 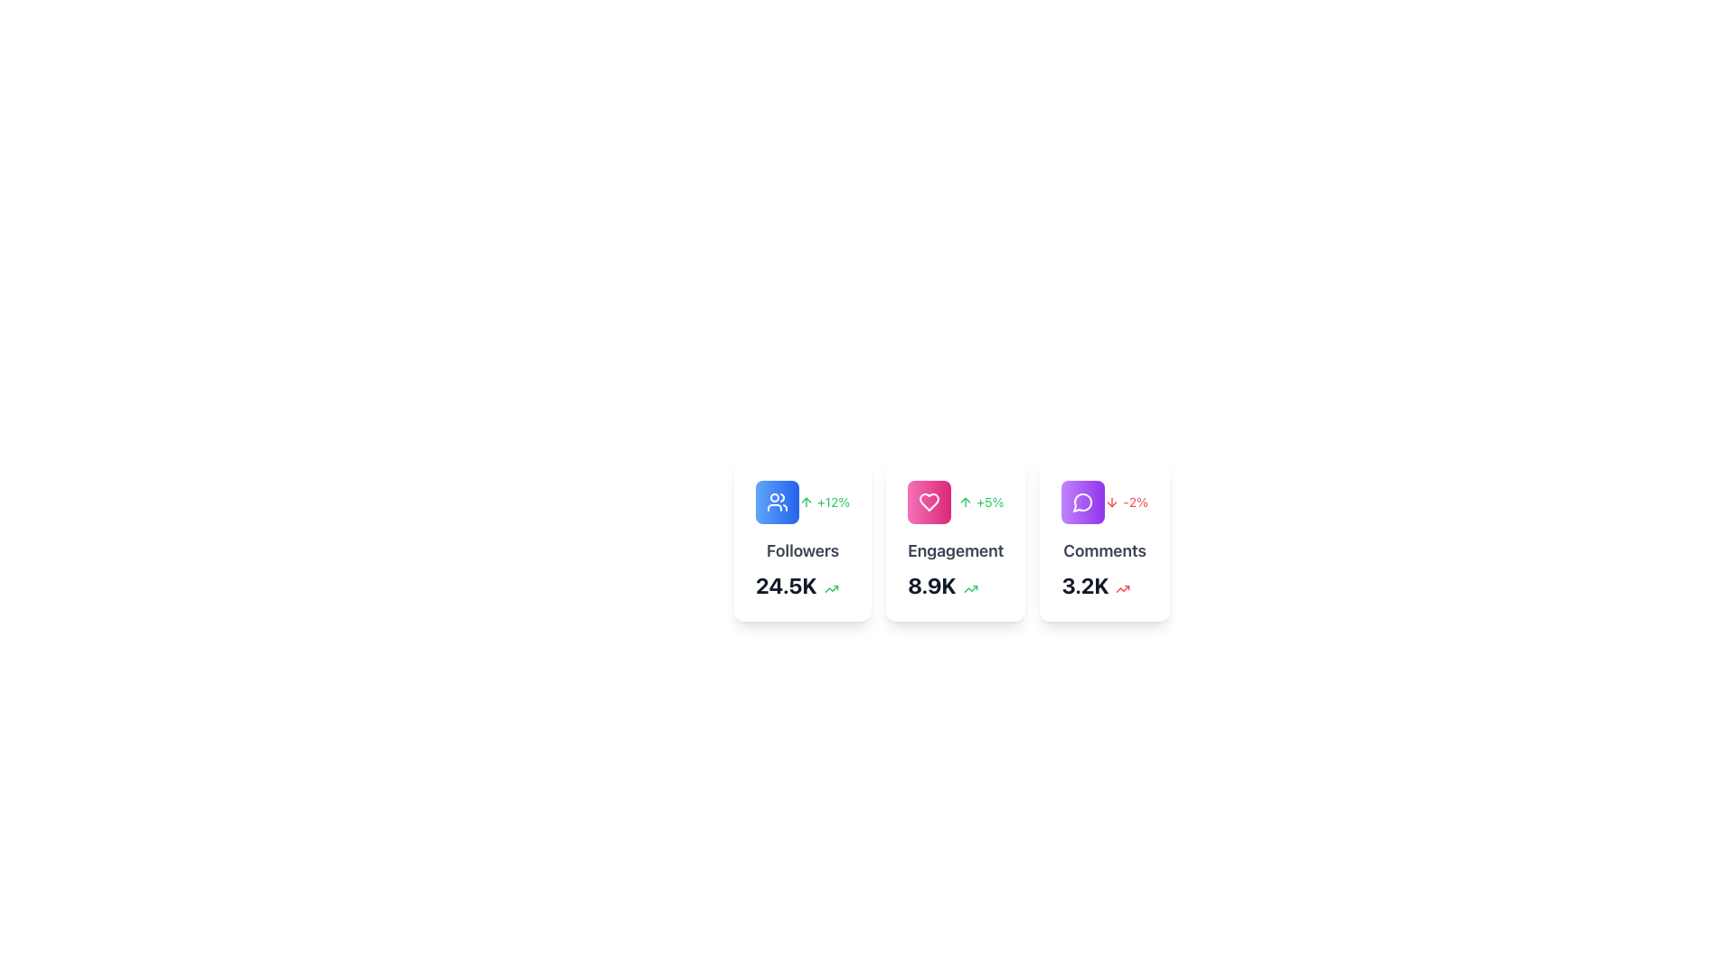 I want to click on displayed numerical statistic '3.2K' in the Statistical display with icon located at the bottom center of the 'Comments' card, so click(x=1104, y=586).